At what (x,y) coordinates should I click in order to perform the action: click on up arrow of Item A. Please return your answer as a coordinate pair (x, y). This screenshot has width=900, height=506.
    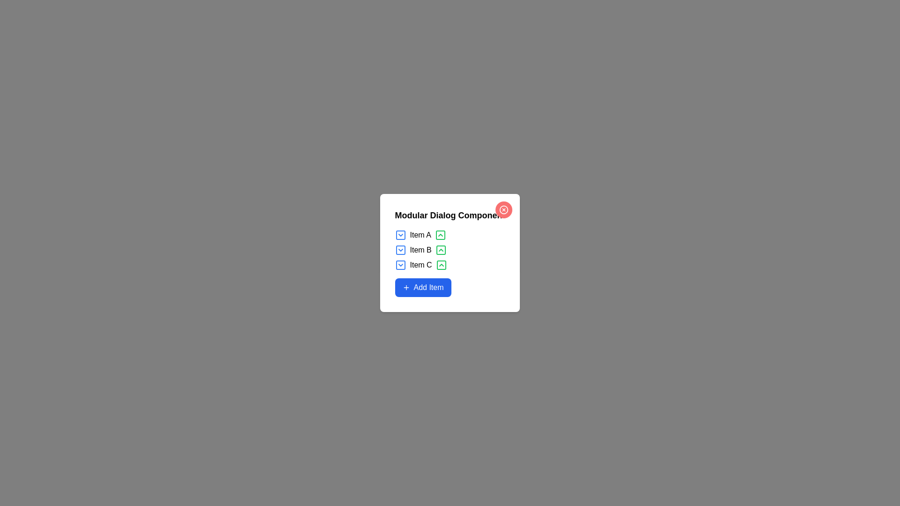
    Looking at the image, I should click on (440, 234).